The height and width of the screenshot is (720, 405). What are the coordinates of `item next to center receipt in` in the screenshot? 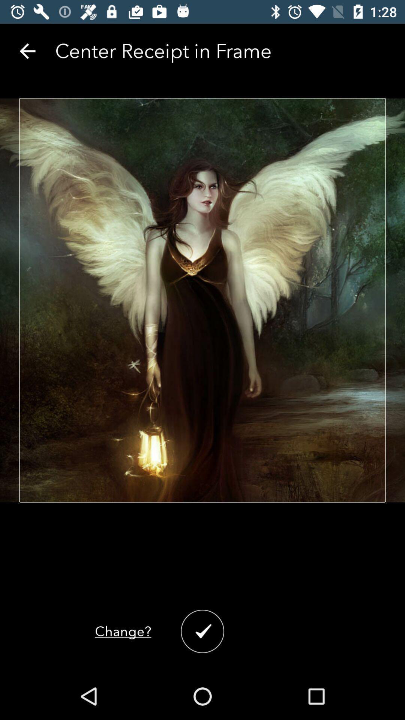 It's located at (27, 51).